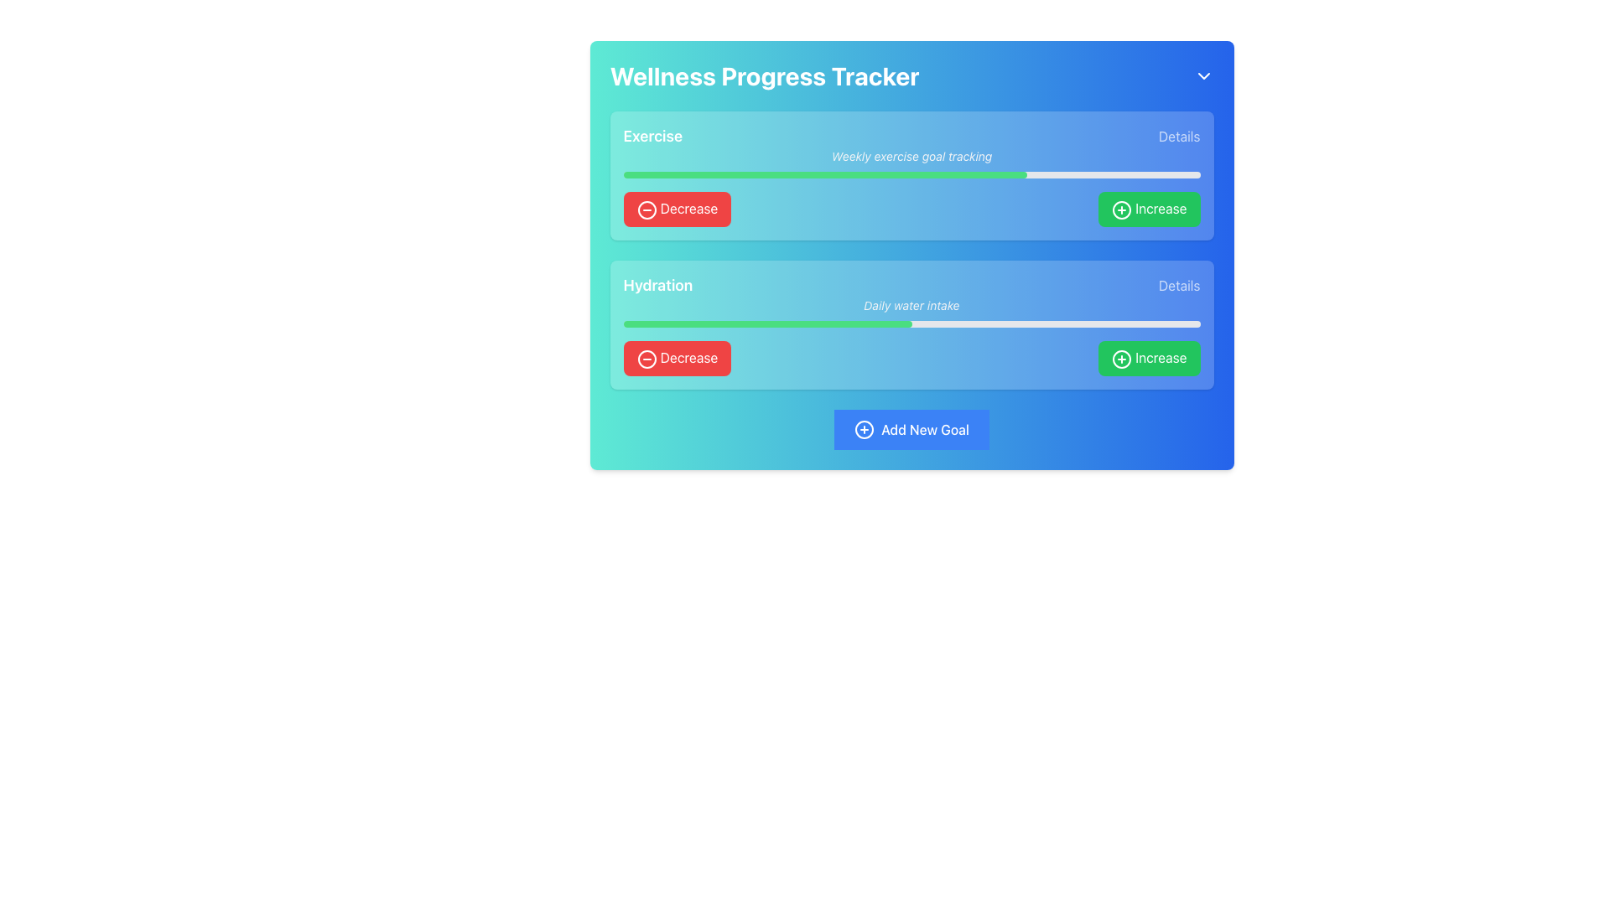  Describe the element at coordinates (646, 209) in the screenshot. I see `the circular icon with a white minus sign on a red background, located within the 'Decrease' button in the 'Exercise' section` at that location.